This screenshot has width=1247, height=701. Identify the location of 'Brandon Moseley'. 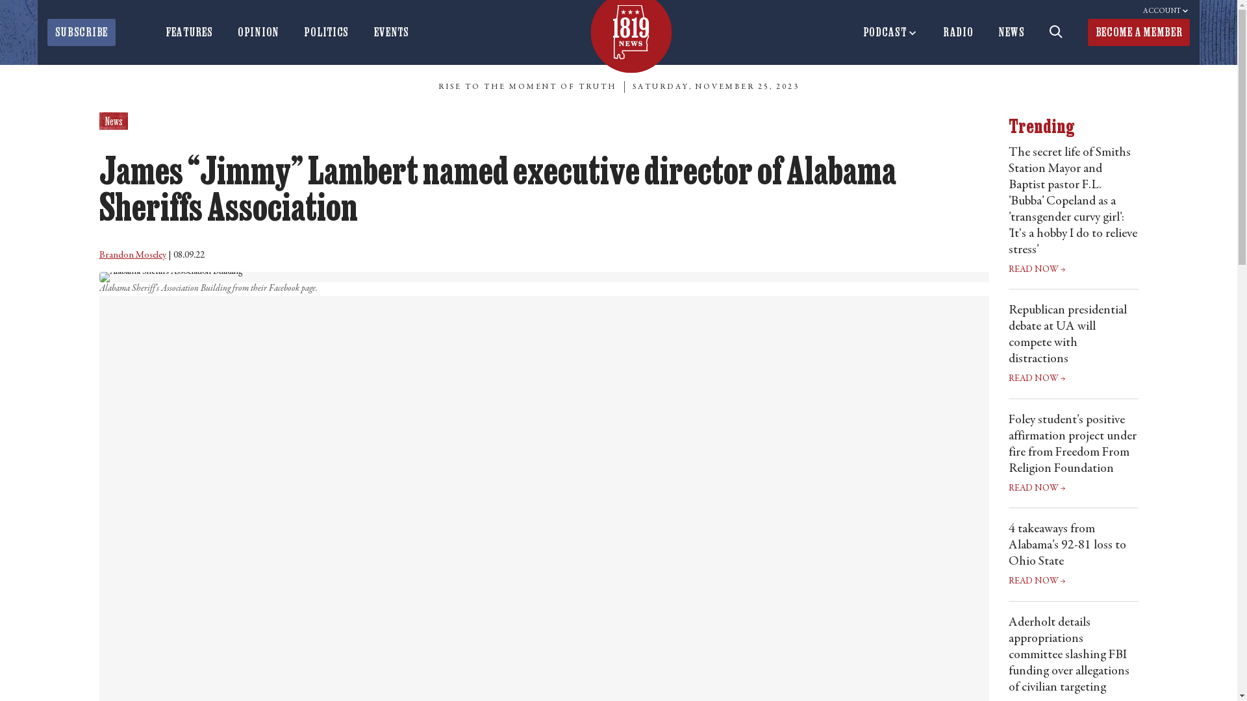
(132, 255).